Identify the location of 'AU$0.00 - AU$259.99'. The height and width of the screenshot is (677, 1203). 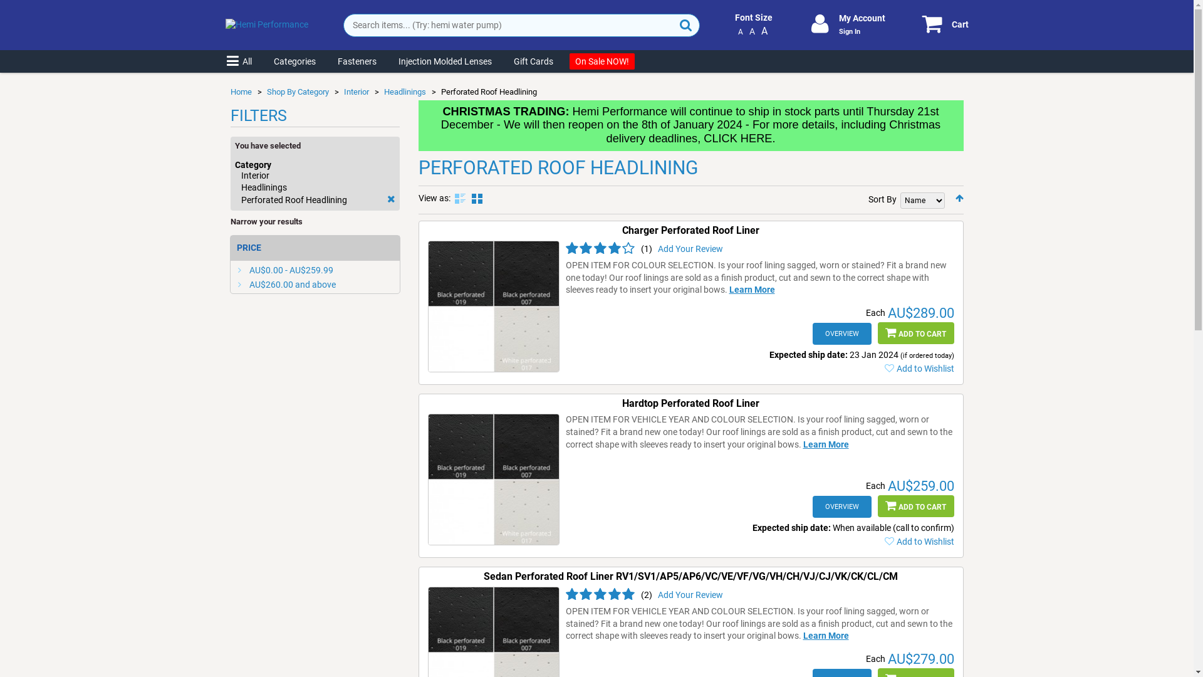
(291, 270).